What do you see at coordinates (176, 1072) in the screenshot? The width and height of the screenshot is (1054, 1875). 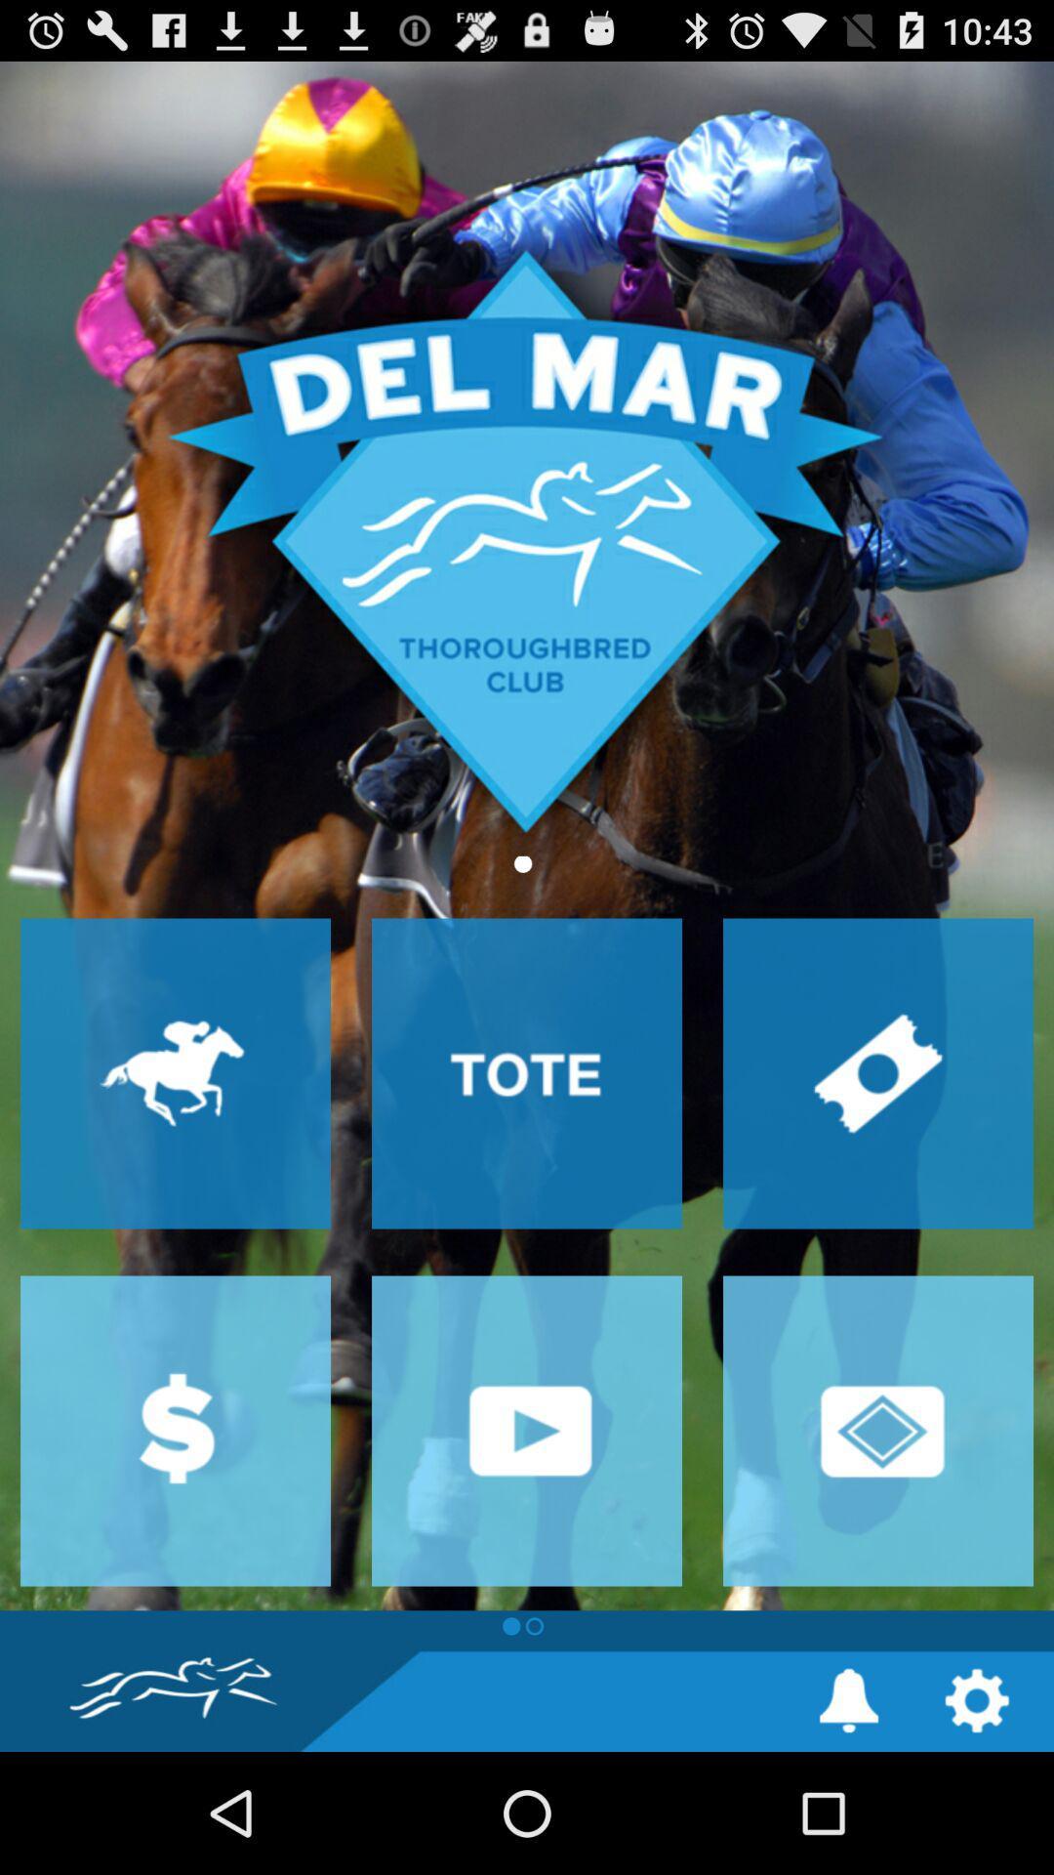 I see `opens racing menu` at bounding box center [176, 1072].